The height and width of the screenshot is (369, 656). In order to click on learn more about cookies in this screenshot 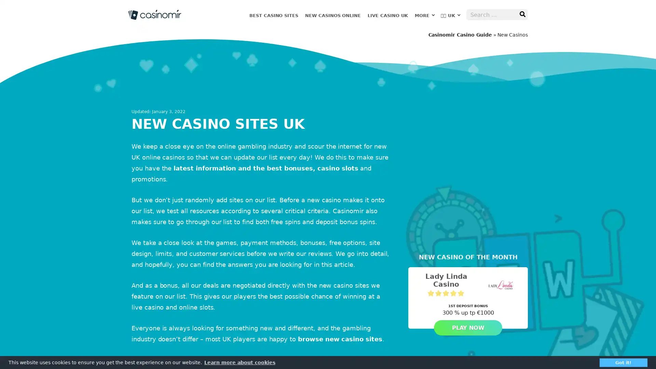, I will do `click(240, 362)`.